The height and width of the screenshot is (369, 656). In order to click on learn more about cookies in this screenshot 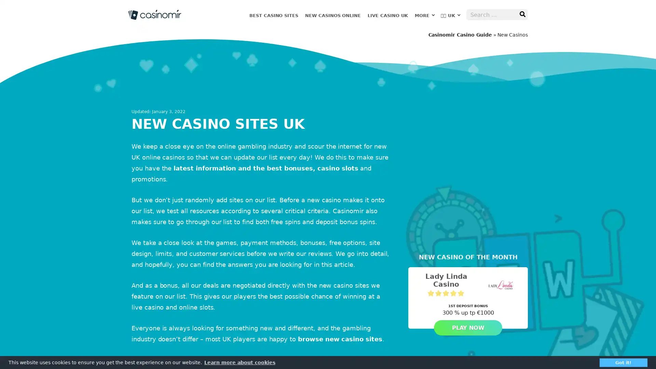, I will do `click(240, 362)`.